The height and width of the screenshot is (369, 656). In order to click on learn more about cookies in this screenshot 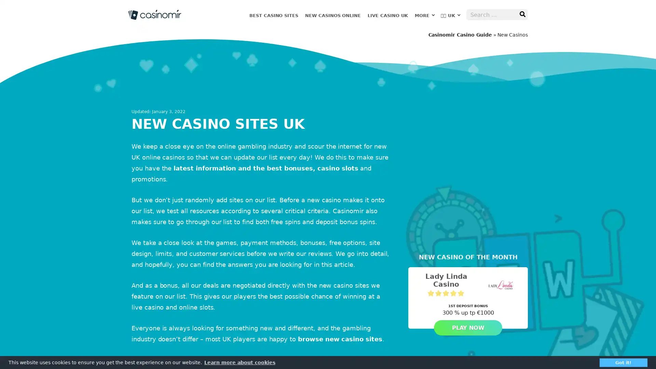, I will do `click(240, 362)`.